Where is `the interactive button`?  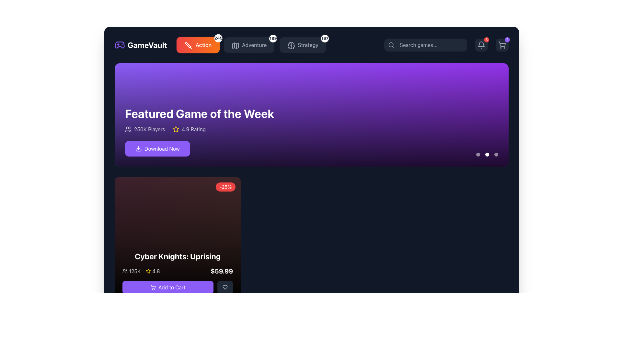
the interactive button is located at coordinates (178, 287).